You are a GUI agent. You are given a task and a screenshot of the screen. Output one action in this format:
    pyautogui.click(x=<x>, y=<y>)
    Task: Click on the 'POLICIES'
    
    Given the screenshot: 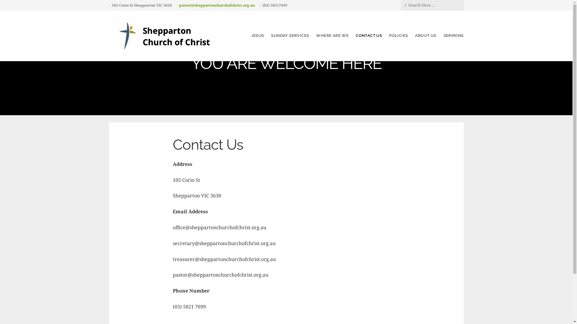 What is the action you would take?
    pyautogui.click(x=398, y=35)
    